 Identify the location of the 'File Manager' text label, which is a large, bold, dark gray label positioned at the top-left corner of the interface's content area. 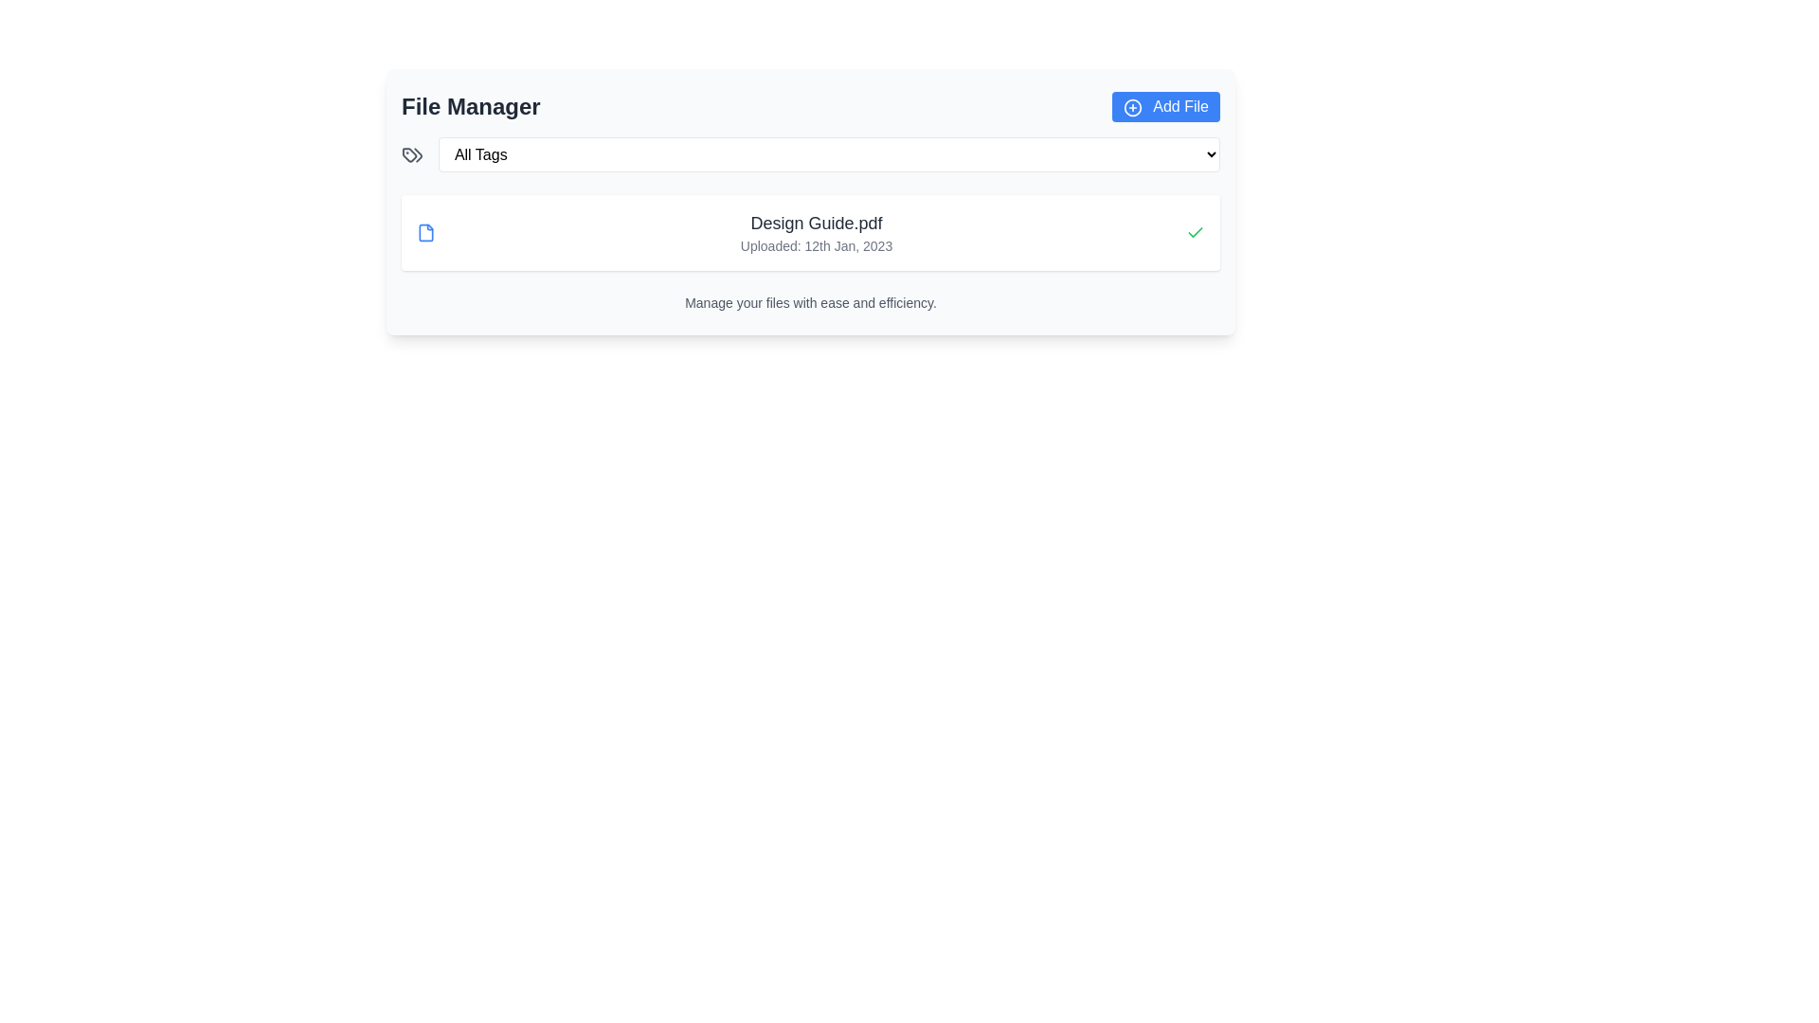
(471, 106).